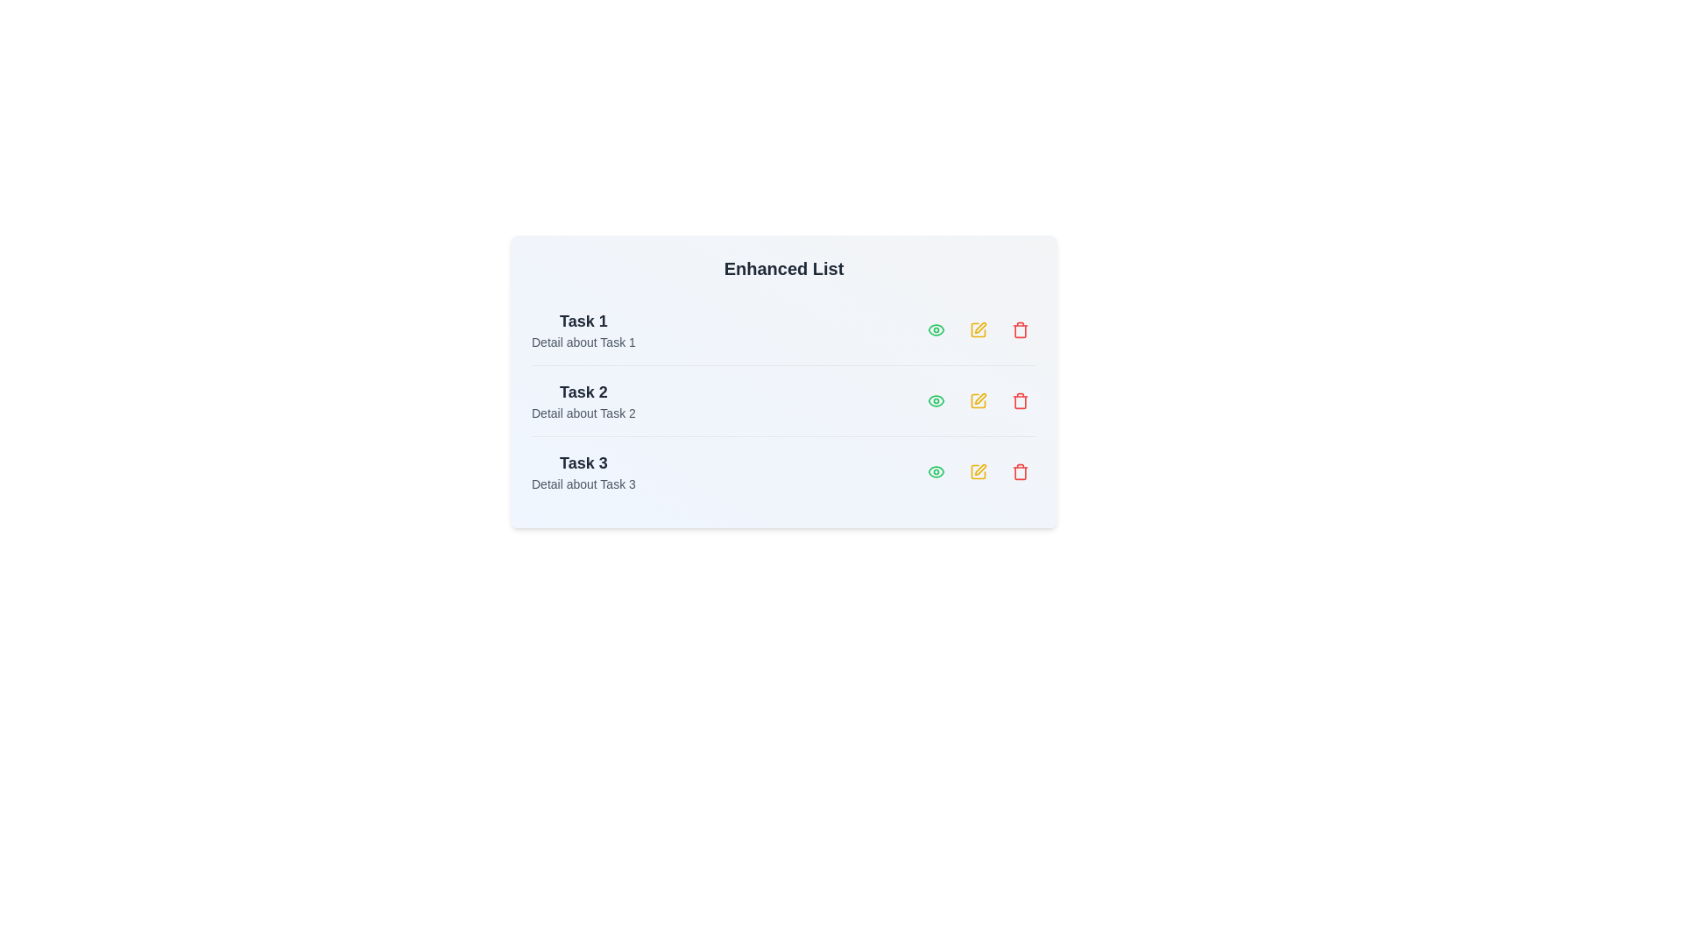 The width and height of the screenshot is (1682, 946). What do you see at coordinates (1021, 330) in the screenshot?
I see `the 'Trash' icon corresponding to the task labeled 'Task 1'` at bounding box center [1021, 330].